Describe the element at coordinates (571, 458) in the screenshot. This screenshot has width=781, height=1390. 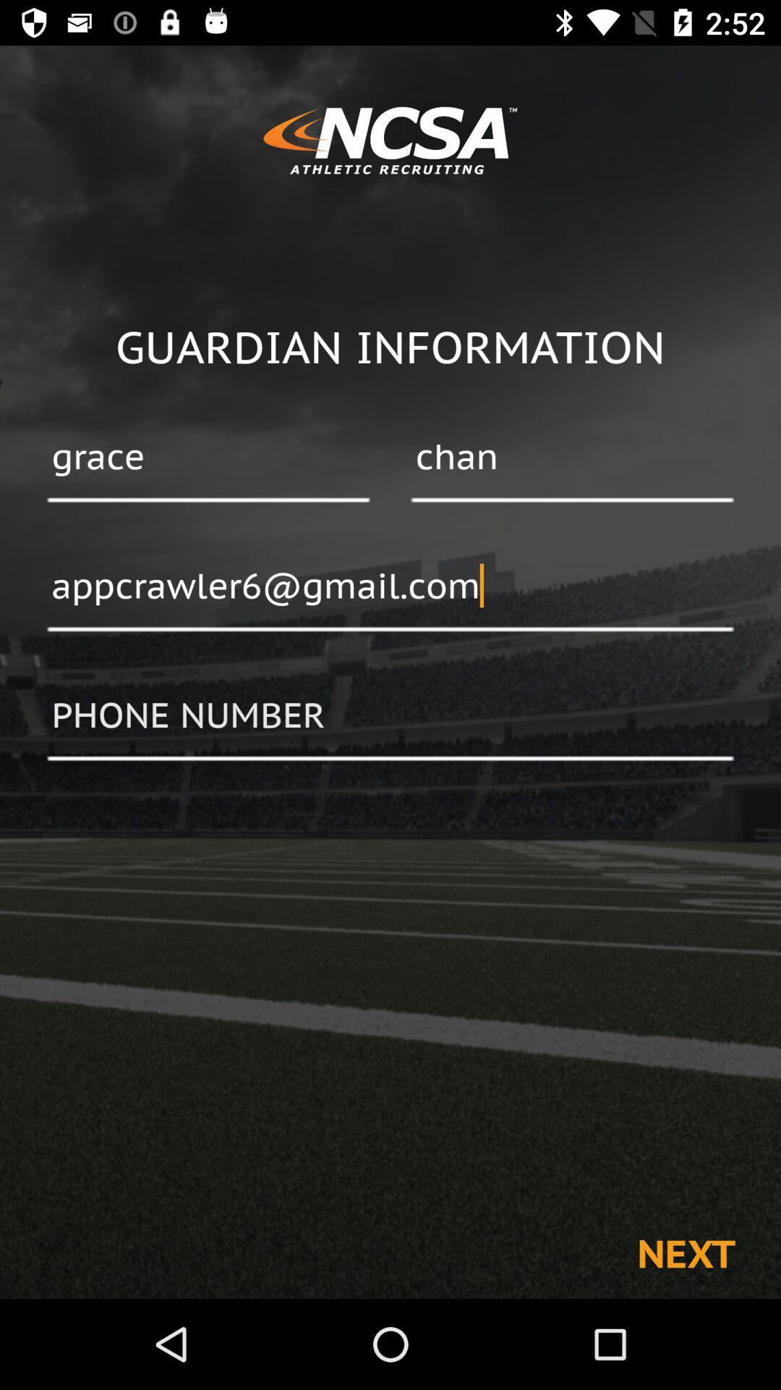
I see `item at the top right corner` at that location.